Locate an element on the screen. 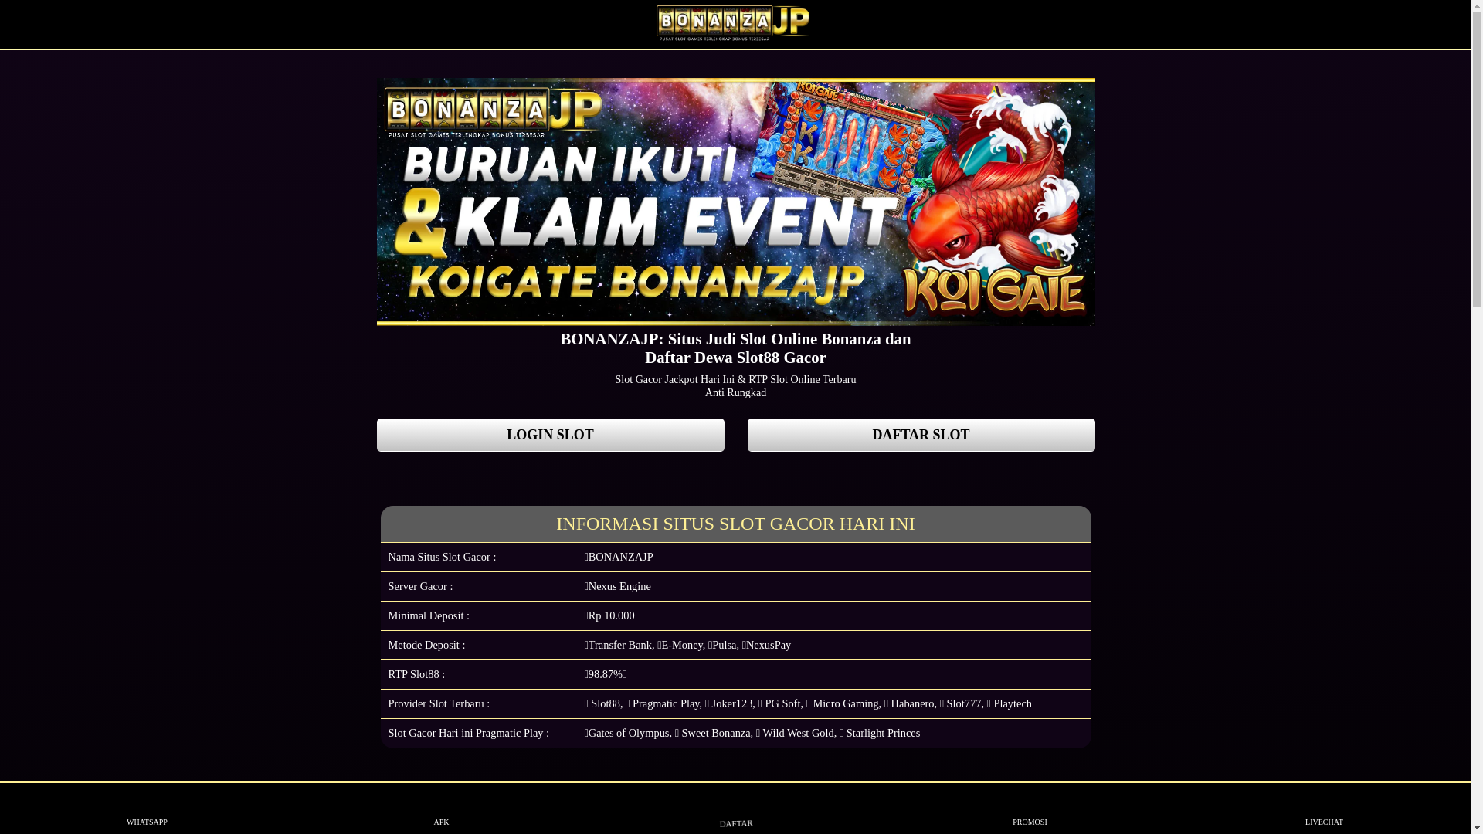 This screenshot has width=1483, height=834. 'APK' is located at coordinates (440, 807).